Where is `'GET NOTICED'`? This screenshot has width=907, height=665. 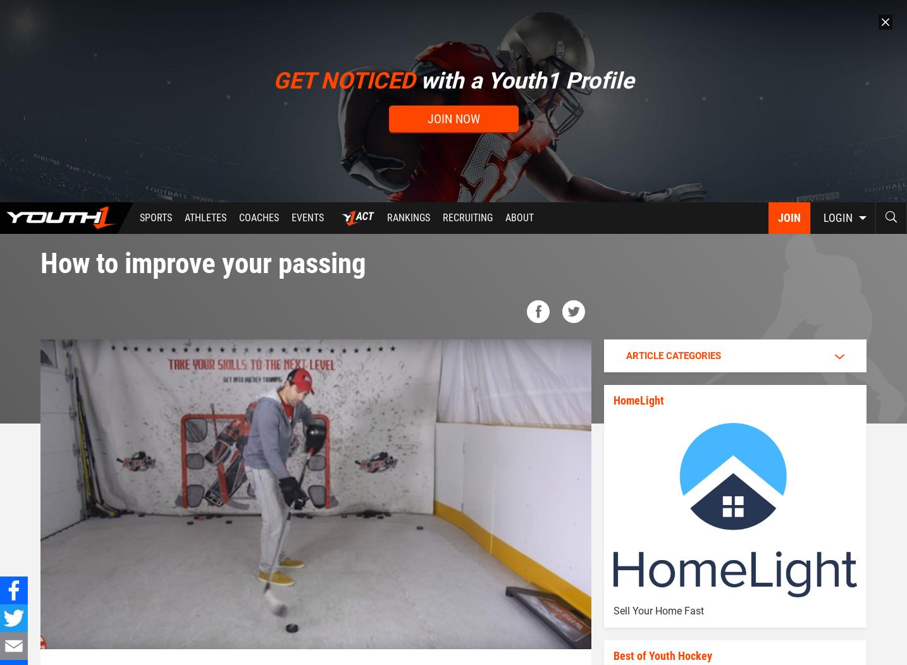 'GET NOTICED' is located at coordinates (273, 81).